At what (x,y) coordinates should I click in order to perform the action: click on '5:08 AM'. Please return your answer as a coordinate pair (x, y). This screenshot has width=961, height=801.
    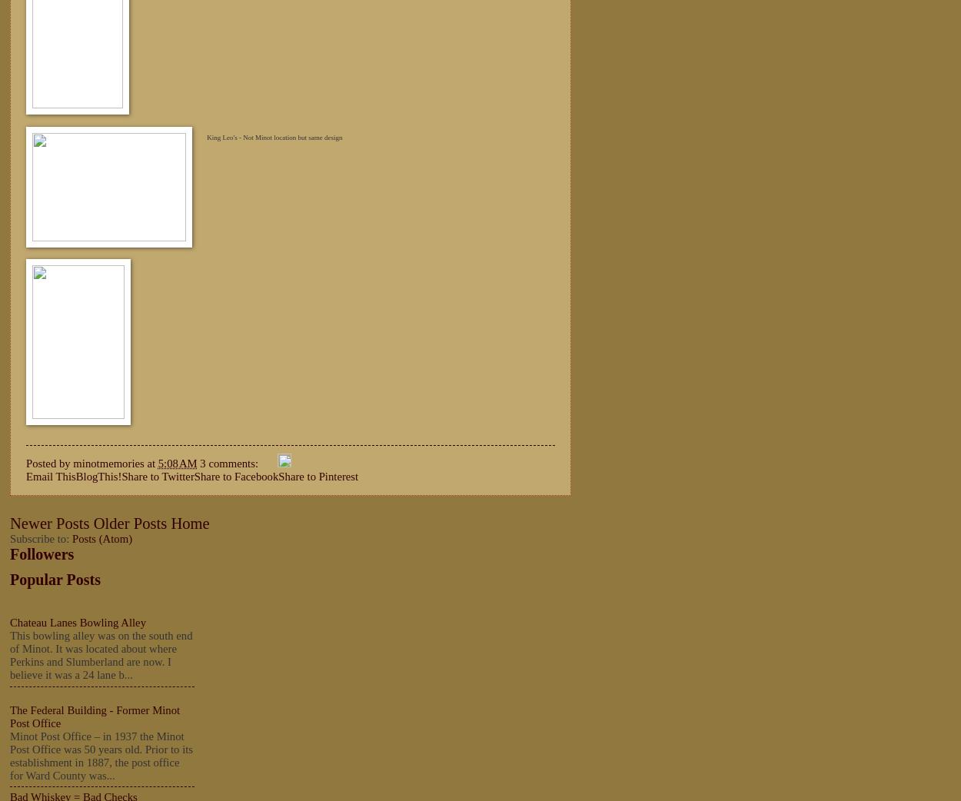
    Looking at the image, I should click on (176, 461).